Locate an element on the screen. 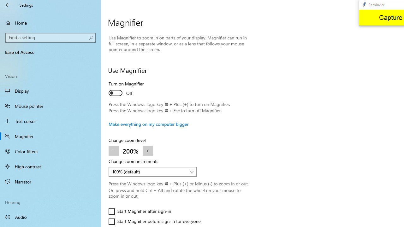 The height and width of the screenshot is (227, 404). 'Start Magnifier after sign-in' is located at coordinates (140, 212).